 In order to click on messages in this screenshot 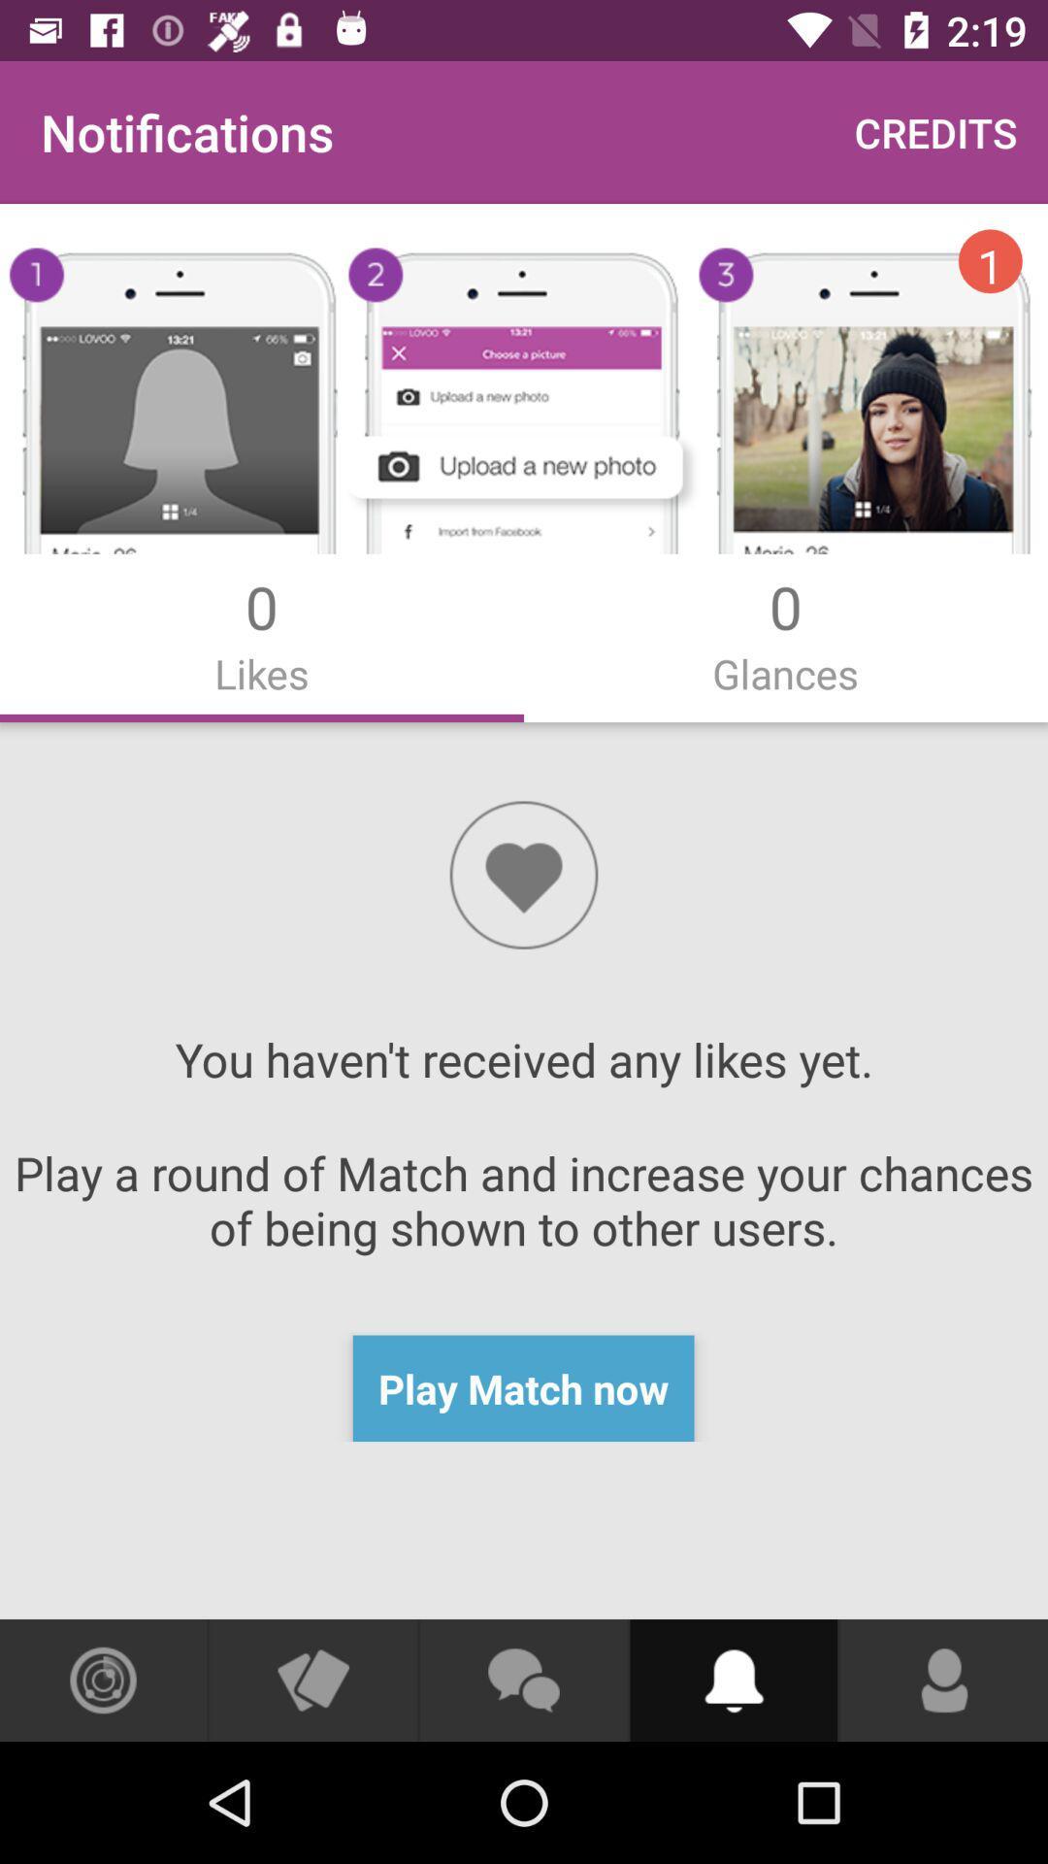, I will do `click(522, 1680)`.